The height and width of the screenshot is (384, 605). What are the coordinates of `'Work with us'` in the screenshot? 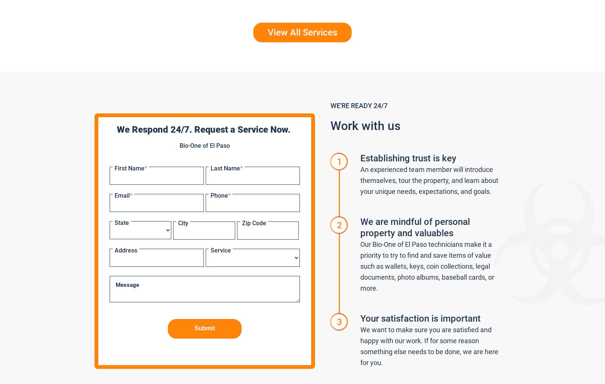 It's located at (365, 125).